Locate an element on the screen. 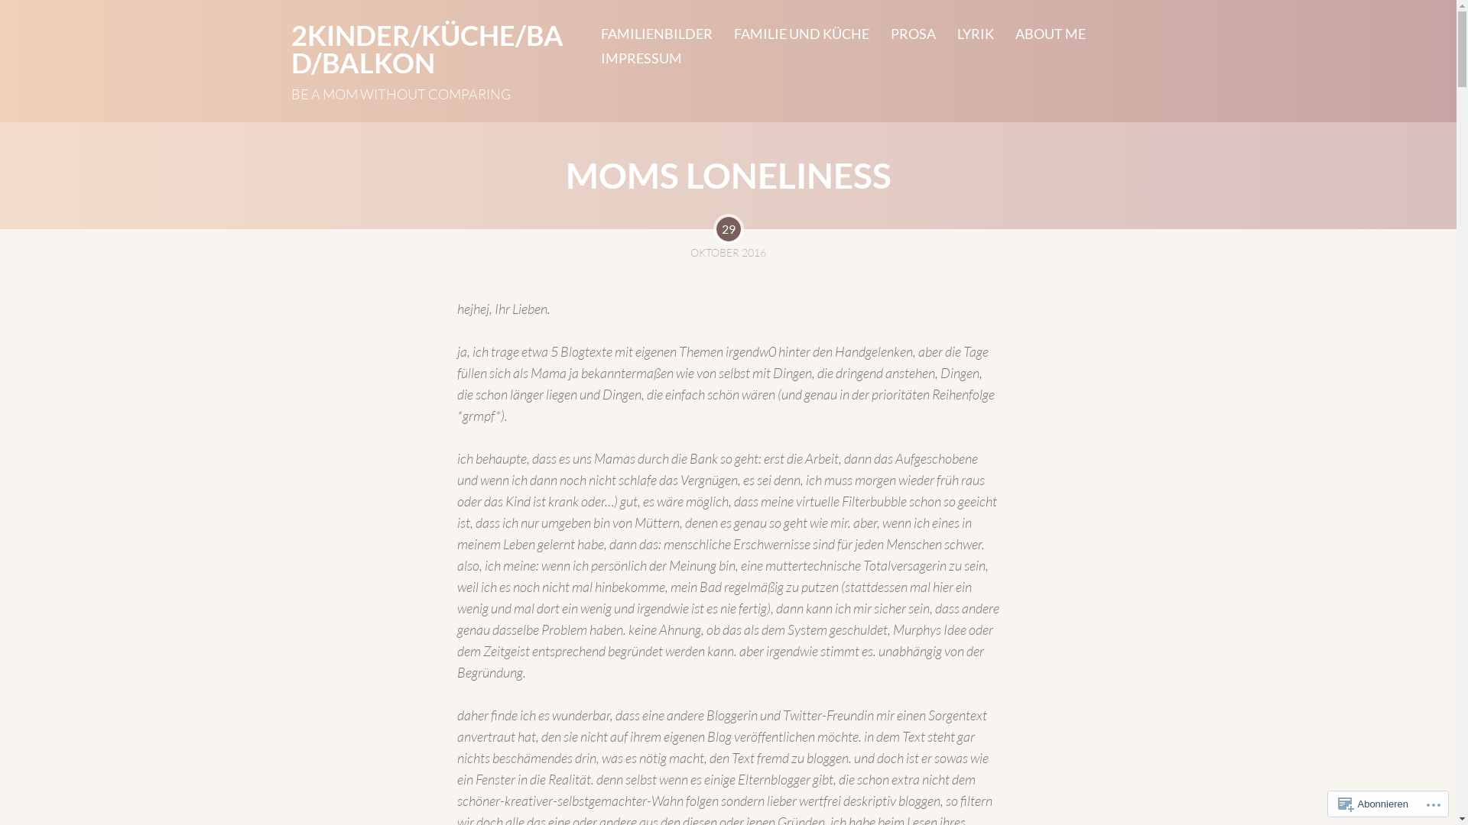 This screenshot has height=825, width=1468. 'FAMILIENBILDER' is located at coordinates (579, 33).